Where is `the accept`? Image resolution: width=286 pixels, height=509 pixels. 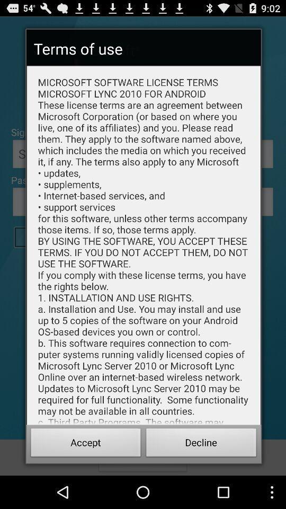 the accept is located at coordinates (85, 444).